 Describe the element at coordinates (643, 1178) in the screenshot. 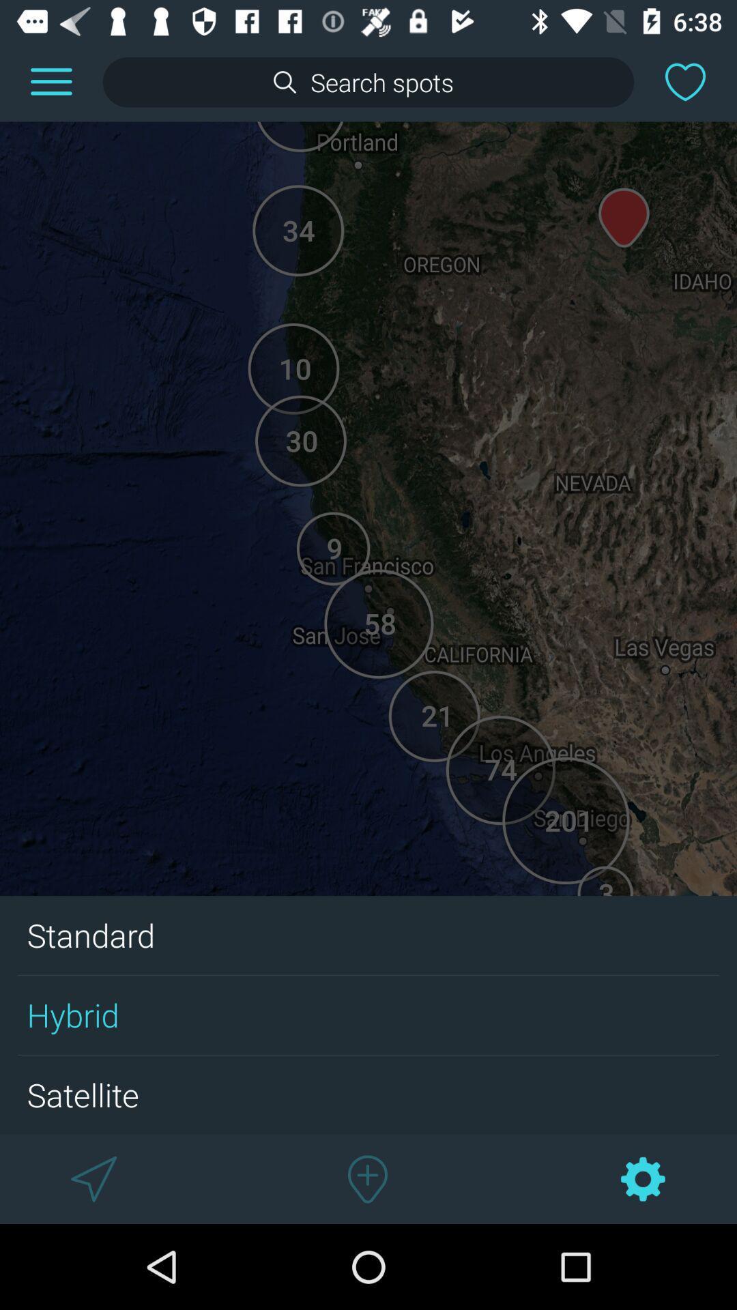

I see `the settings icon` at that location.